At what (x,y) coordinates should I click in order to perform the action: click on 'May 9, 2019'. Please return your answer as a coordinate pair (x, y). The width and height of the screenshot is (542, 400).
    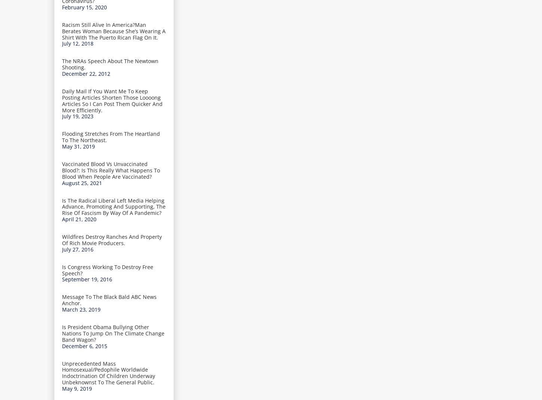
    Looking at the image, I should click on (77, 388).